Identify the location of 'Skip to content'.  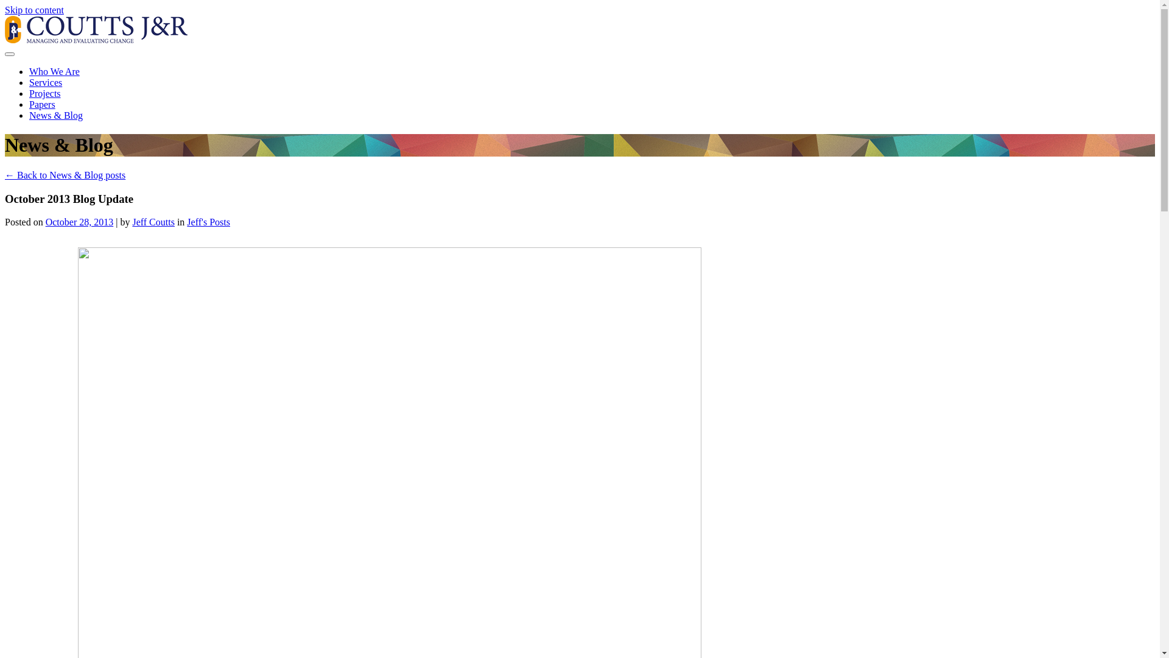
(34, 10).